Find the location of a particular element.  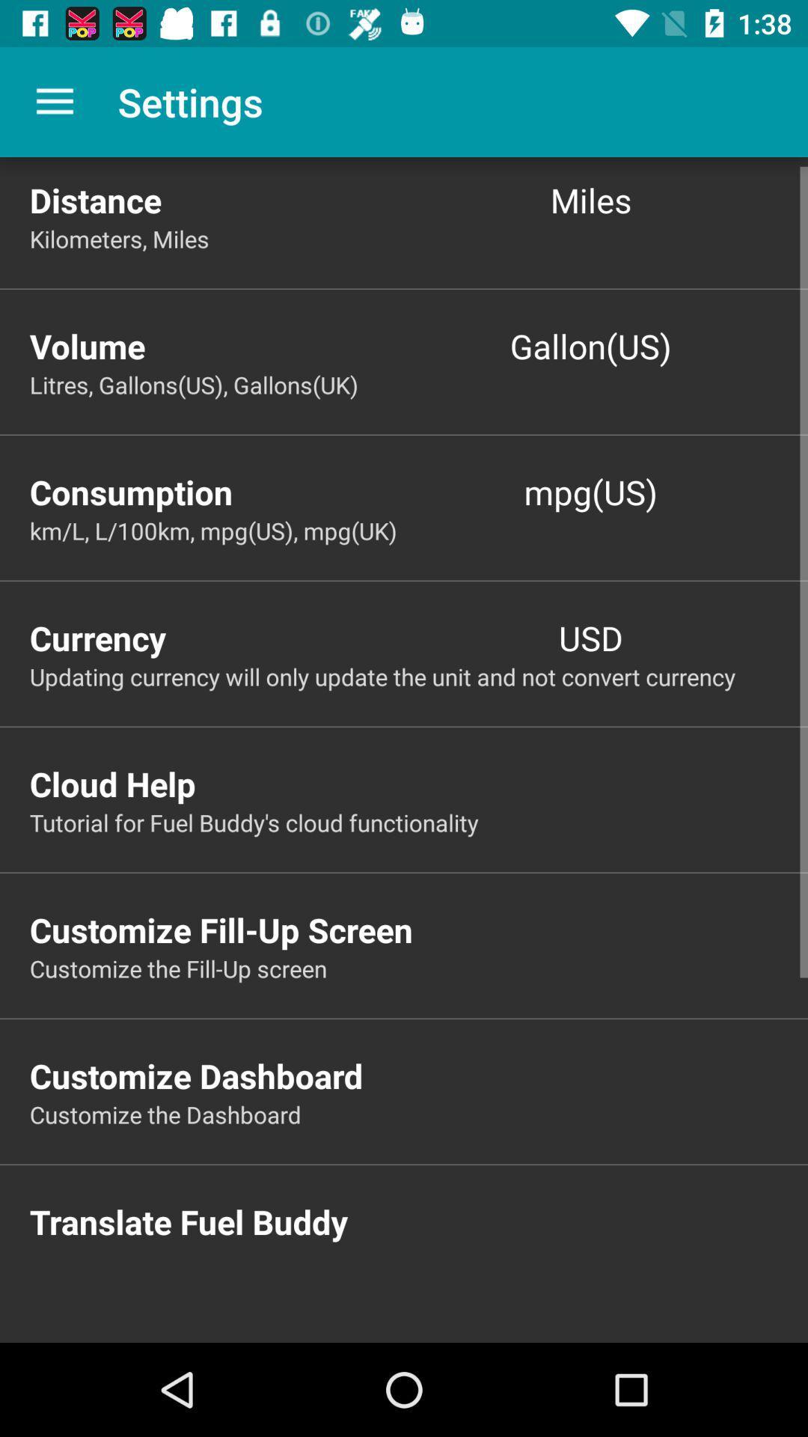

usd item is located at coordinates (590, 638).